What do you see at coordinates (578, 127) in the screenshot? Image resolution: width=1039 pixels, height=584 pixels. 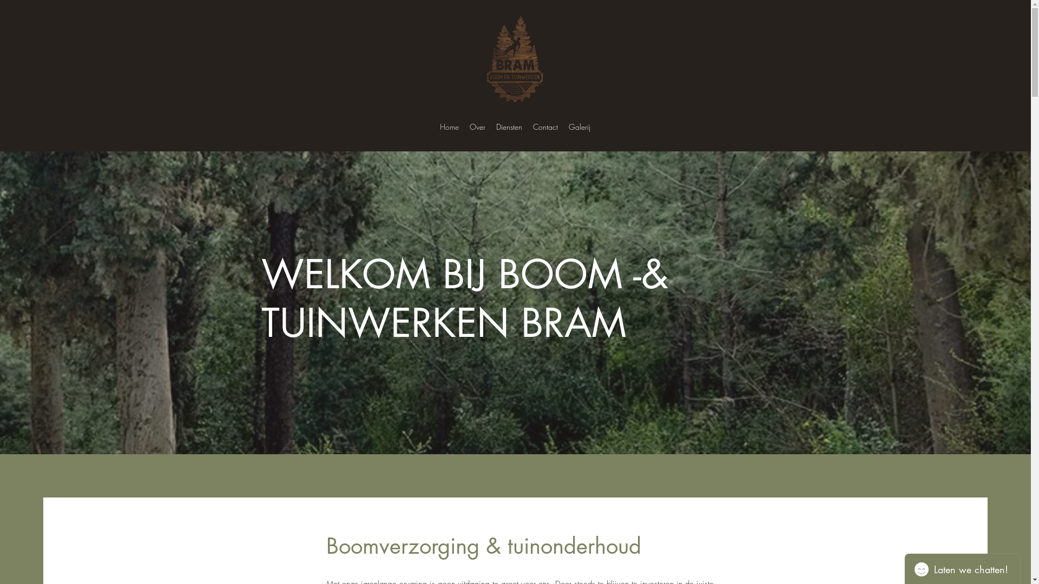 I see `'Galerij'` at bounding box center [578, 127].